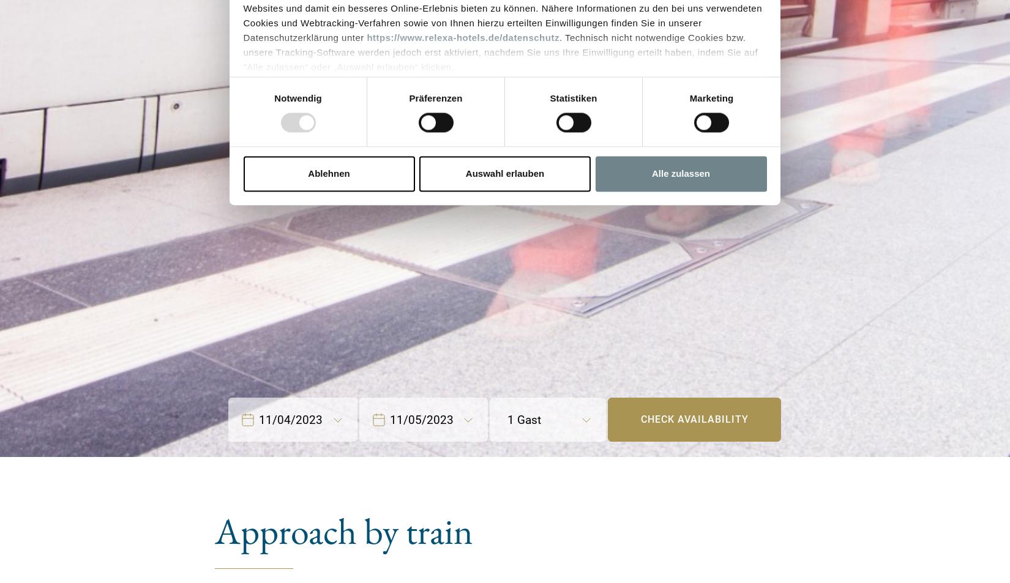  Describe the element at coordinates (501, 139) in the screenshot. I see `'„Bei Google und Facebook können die Daten auch außerhalb der EU gespeichert werden. Sofern Sie Cookies nicht ablehnen, gilt Ihre folgende Zustimmung:  „Ich stimme der Verwendung des Cookies zu, obgleich ich darüber informiert wurde, dass die Daten in die USA übertragen werden können und ich mein Recht auf rechtliches Gehör dort nach Europäischen Grundsätzen nicht ausreichend wahrnehmen kann und somit kein angemessenes Datenschutzniveau gewährleistet werden kann.“'` at that location.